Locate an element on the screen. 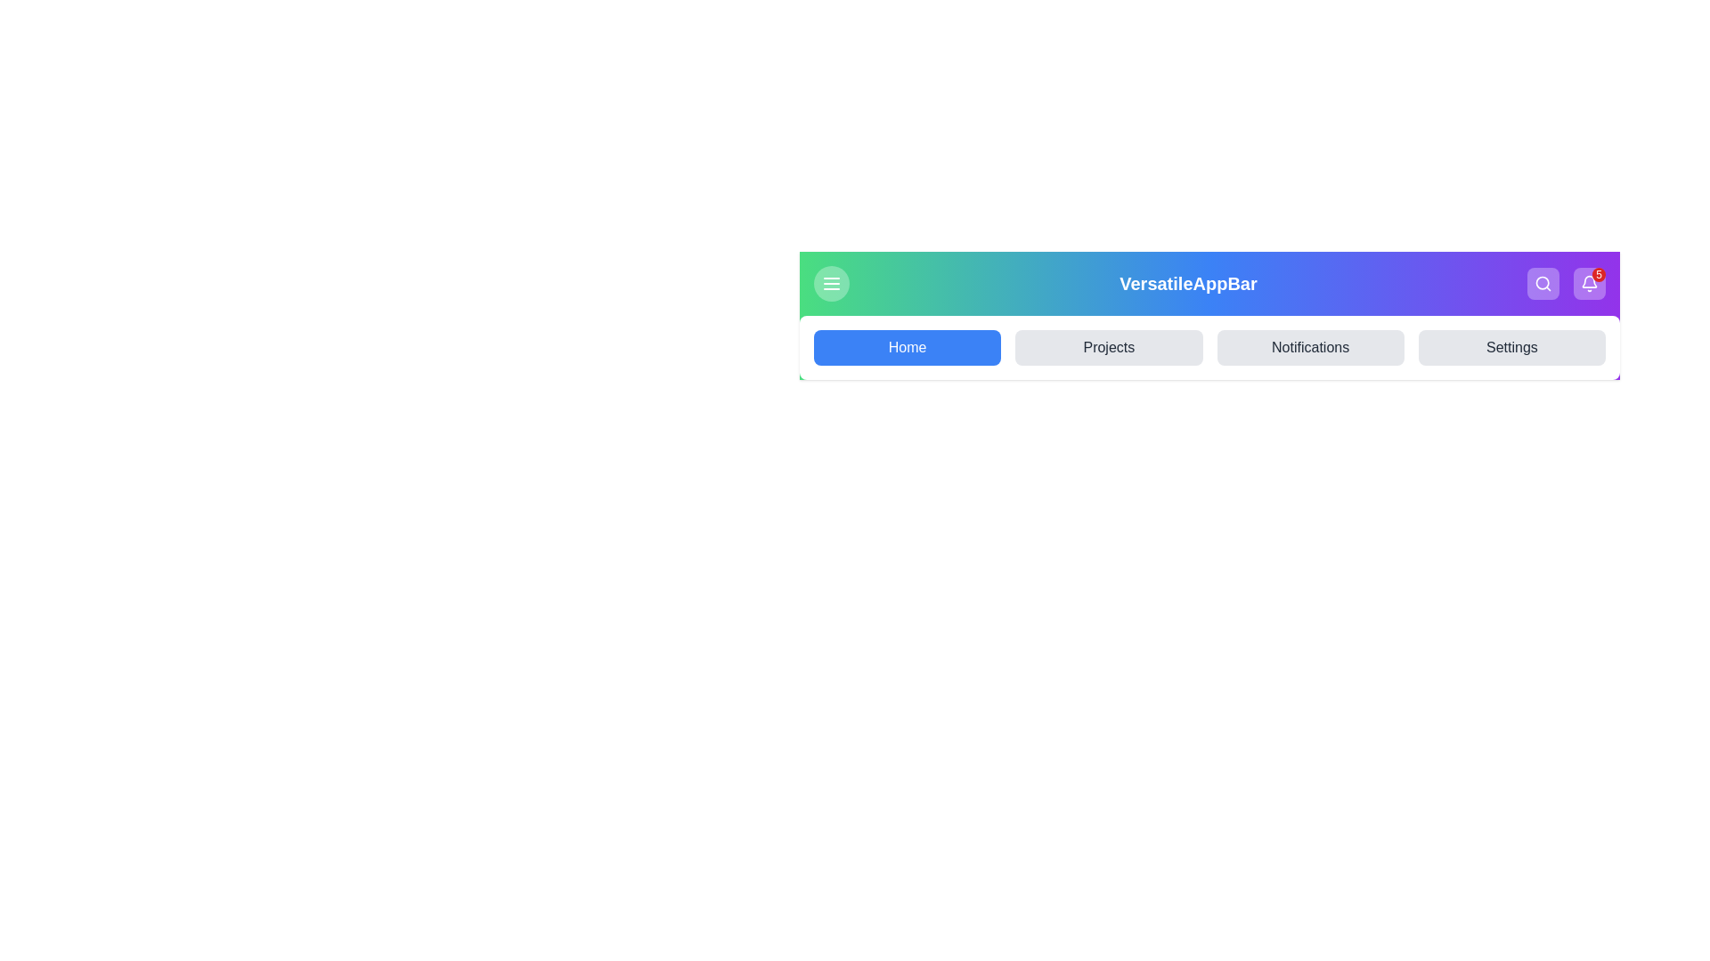 This screenshot has height=961, width=1710. button with the menu icon to toggle the visibility of the menu panel is located at coordinates (831, 283).